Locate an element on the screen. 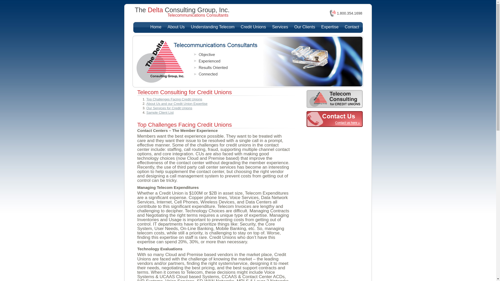  'Our Clients' is located at coordinates (305, 27).